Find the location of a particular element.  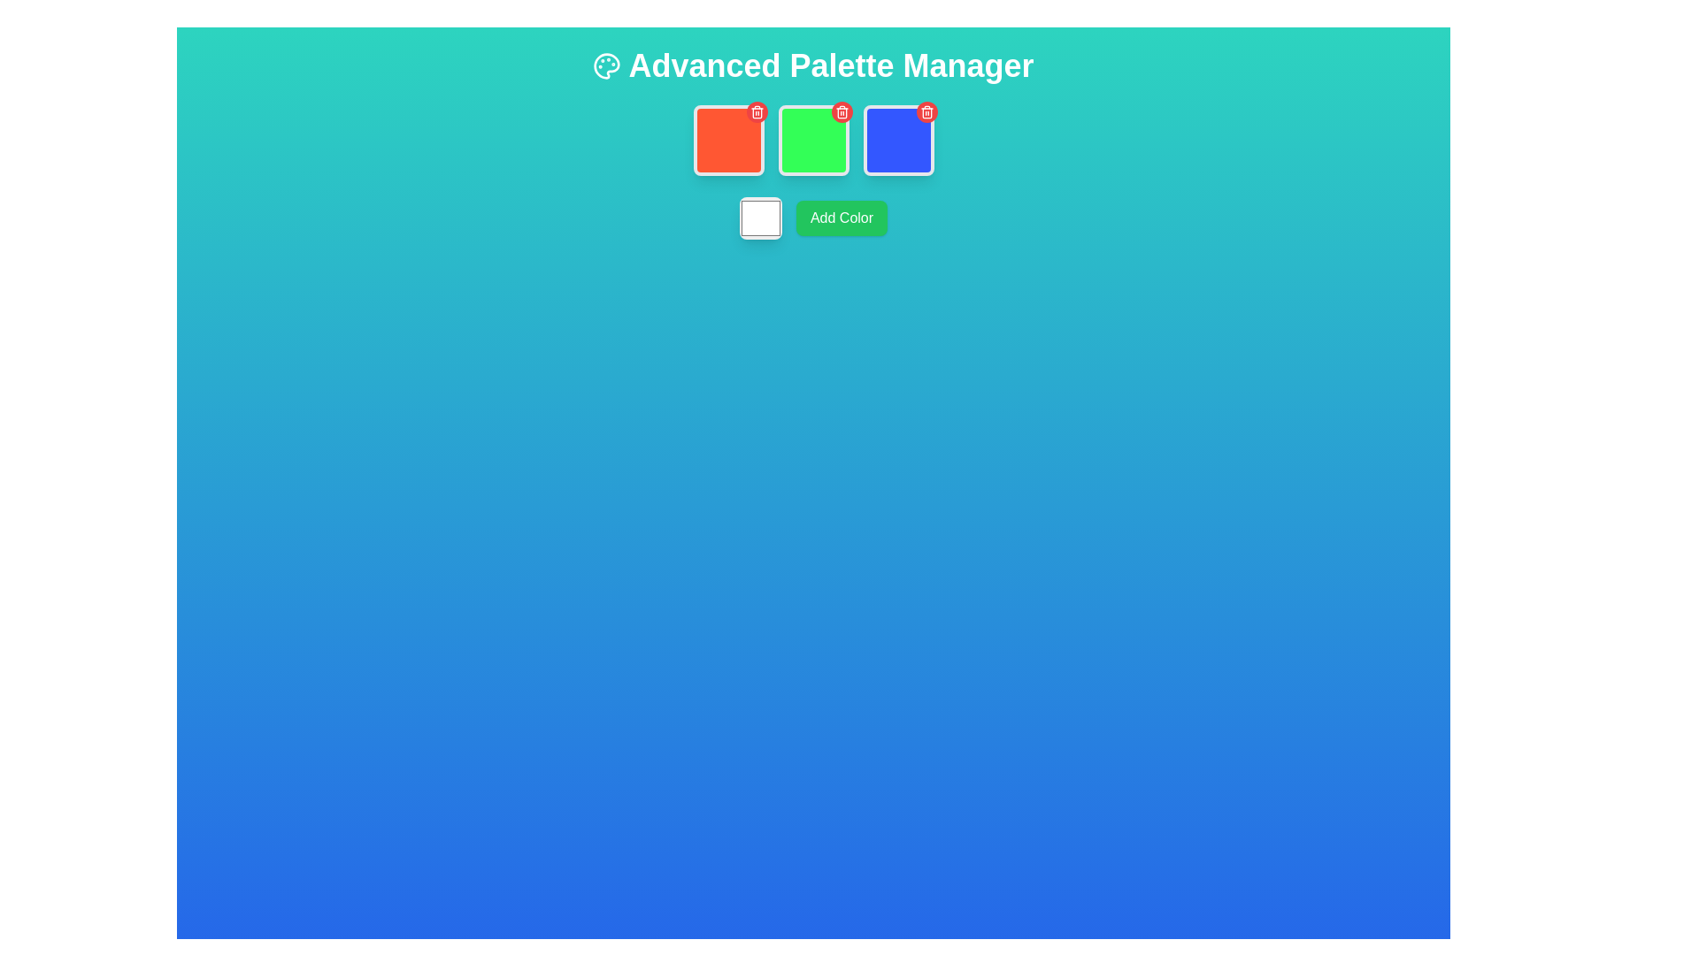

the delete button located at the top-right corner of the green tile, which is the second tile from the left in the row below the 'Advanced Palette Manager' title, to change its color is located at coordinates (841, 112).